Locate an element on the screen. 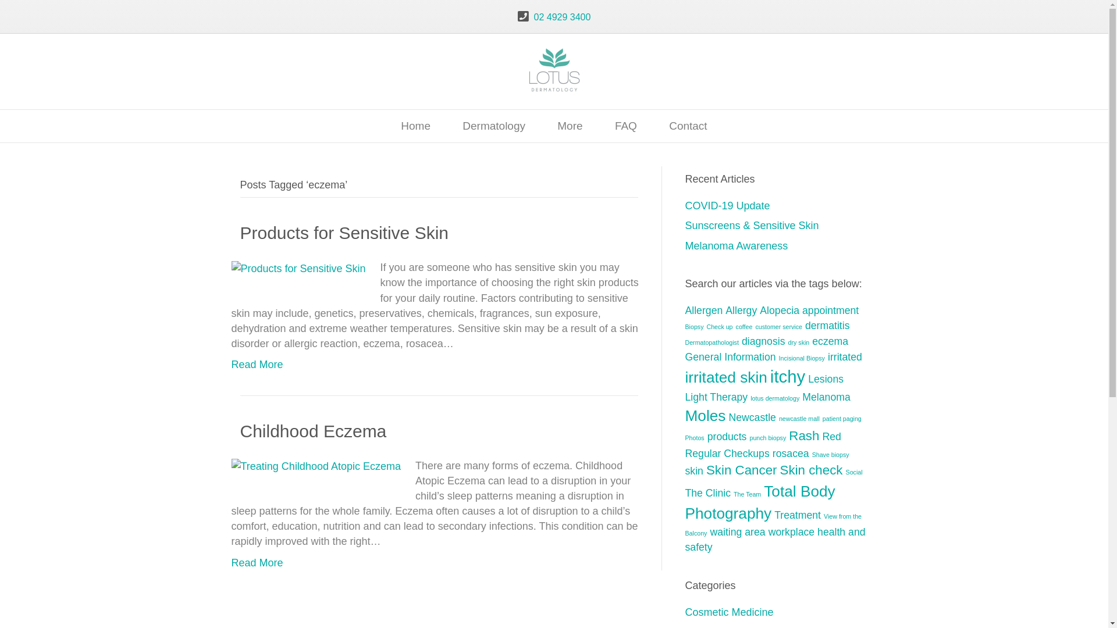  'Alopecia' is located at coordinates (779, 309).